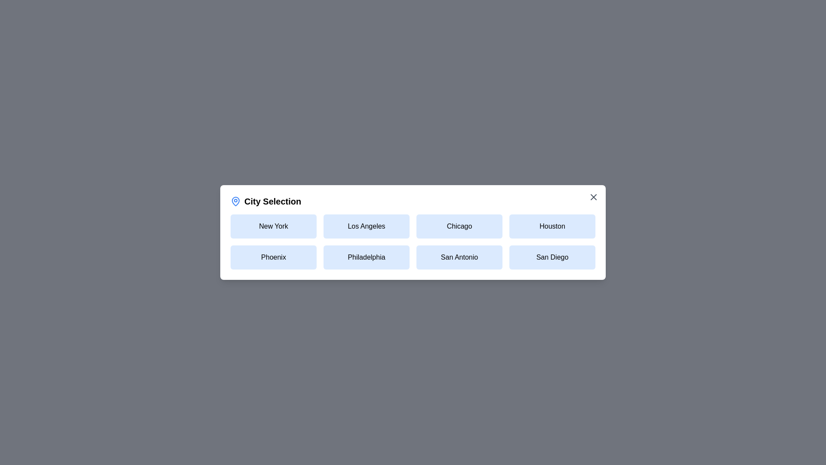 The image size is (826, 465). Describe the element at coordinates (273, 257) in the screenshot. I see `the city Phoenix by clicking on its button` at that location.